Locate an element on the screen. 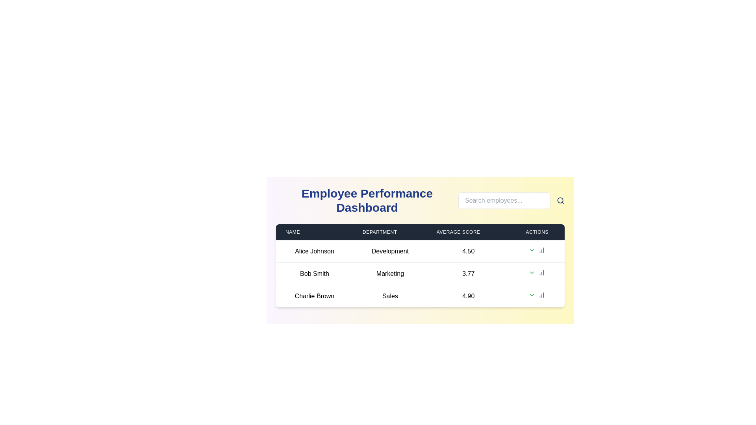 The width and height of the screenshot is (756, 425). the green chevron-down icon in the 'Actions' column for 'Charlie Brown' is located at coordinates (532, 295).